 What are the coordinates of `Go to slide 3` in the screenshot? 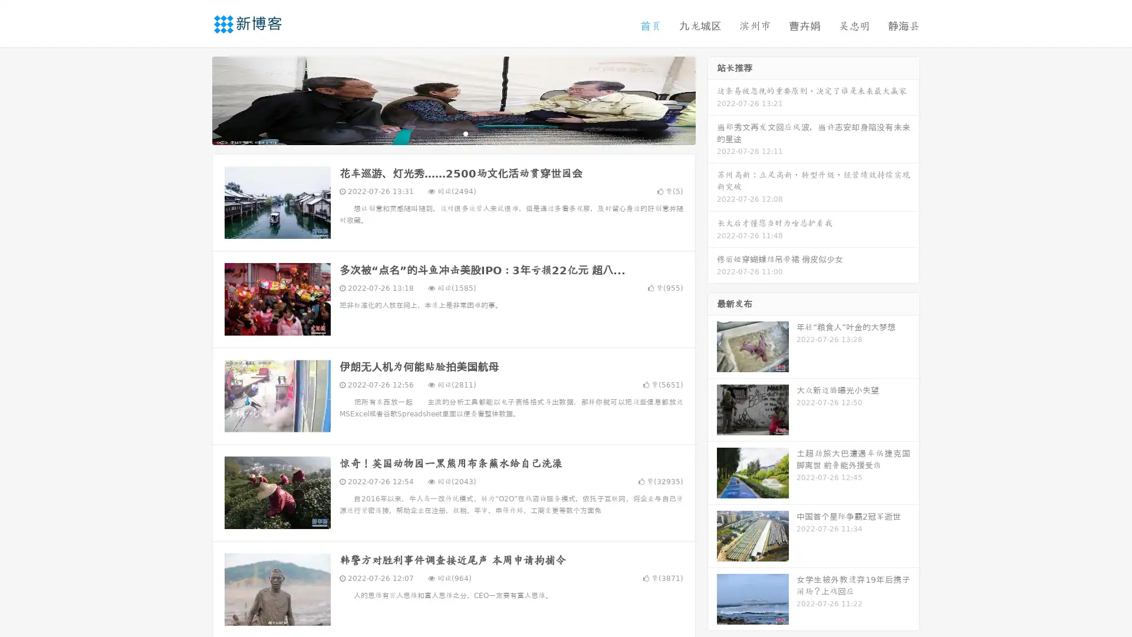 It's located at (465, 133).